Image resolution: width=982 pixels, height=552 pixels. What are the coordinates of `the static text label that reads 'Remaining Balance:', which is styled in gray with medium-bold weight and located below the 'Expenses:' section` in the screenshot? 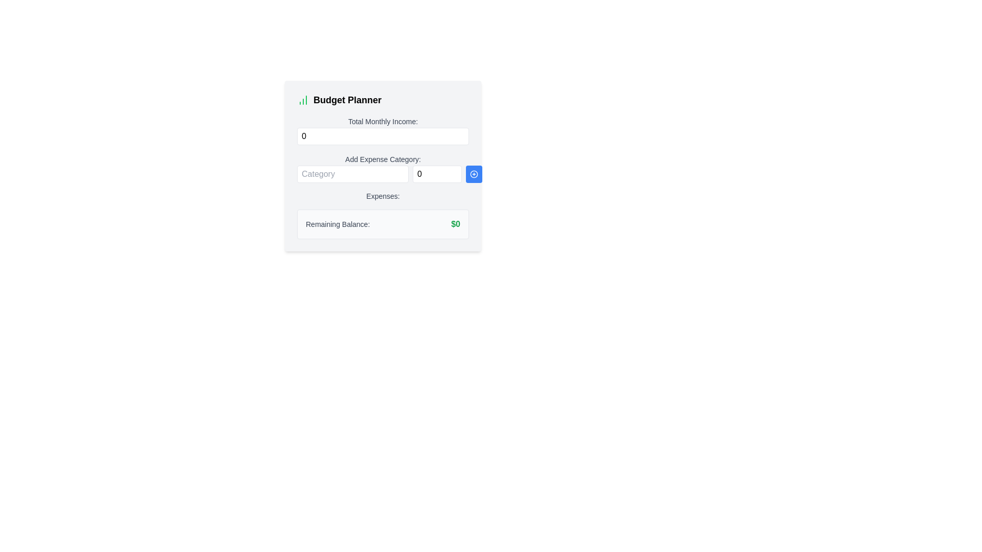 It's located at (338, 224).